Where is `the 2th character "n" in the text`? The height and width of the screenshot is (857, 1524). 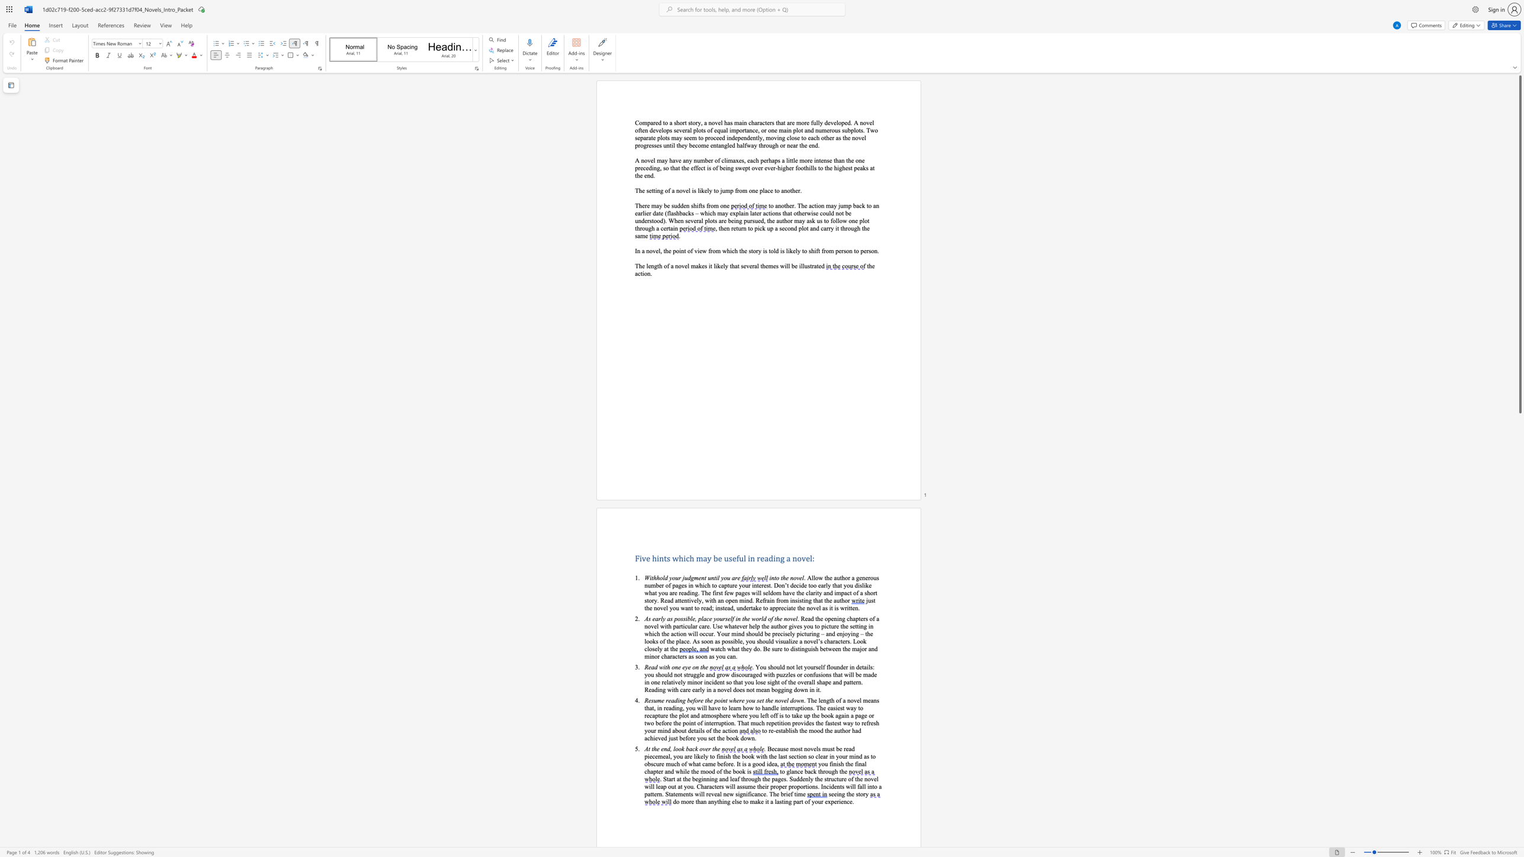
the 2th character "n" in the text is located at coordinates (712, 578).